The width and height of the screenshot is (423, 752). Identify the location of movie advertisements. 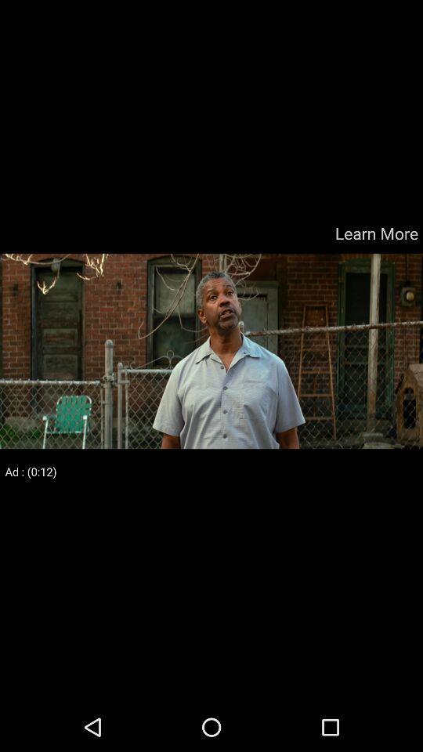
(211, 351).